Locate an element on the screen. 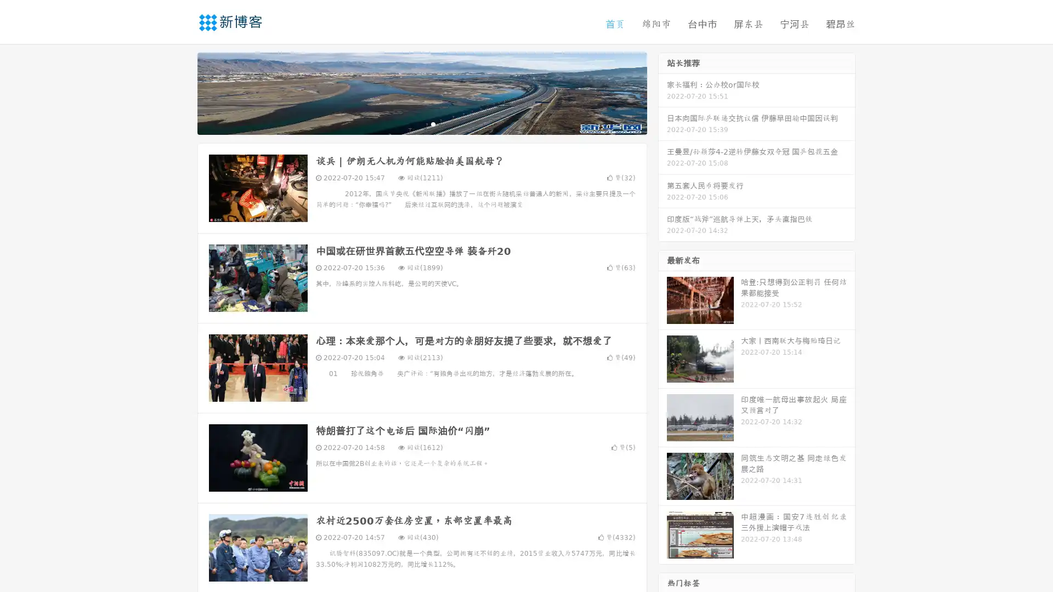  Go to slide 1 is located at coordinates (410, 123).